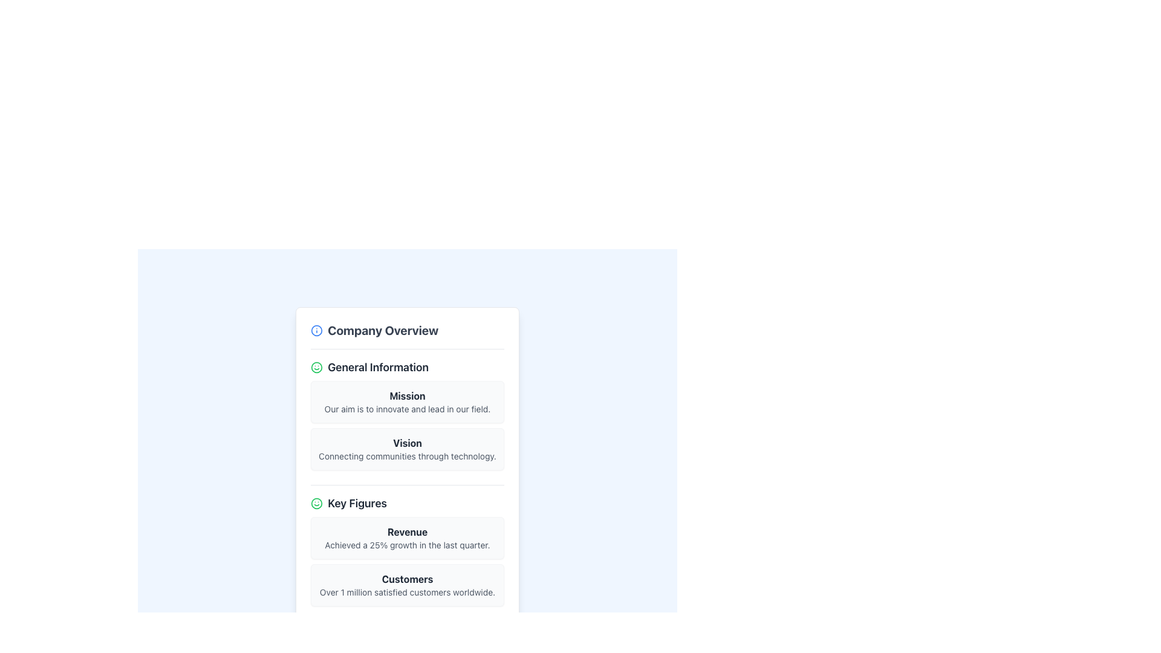 This screenshot has width=1161, height=653. Describe the element at coordinates (407, 331) in the screenshot. I see `the 'Company Overview' header section at the top of the card` at that location.